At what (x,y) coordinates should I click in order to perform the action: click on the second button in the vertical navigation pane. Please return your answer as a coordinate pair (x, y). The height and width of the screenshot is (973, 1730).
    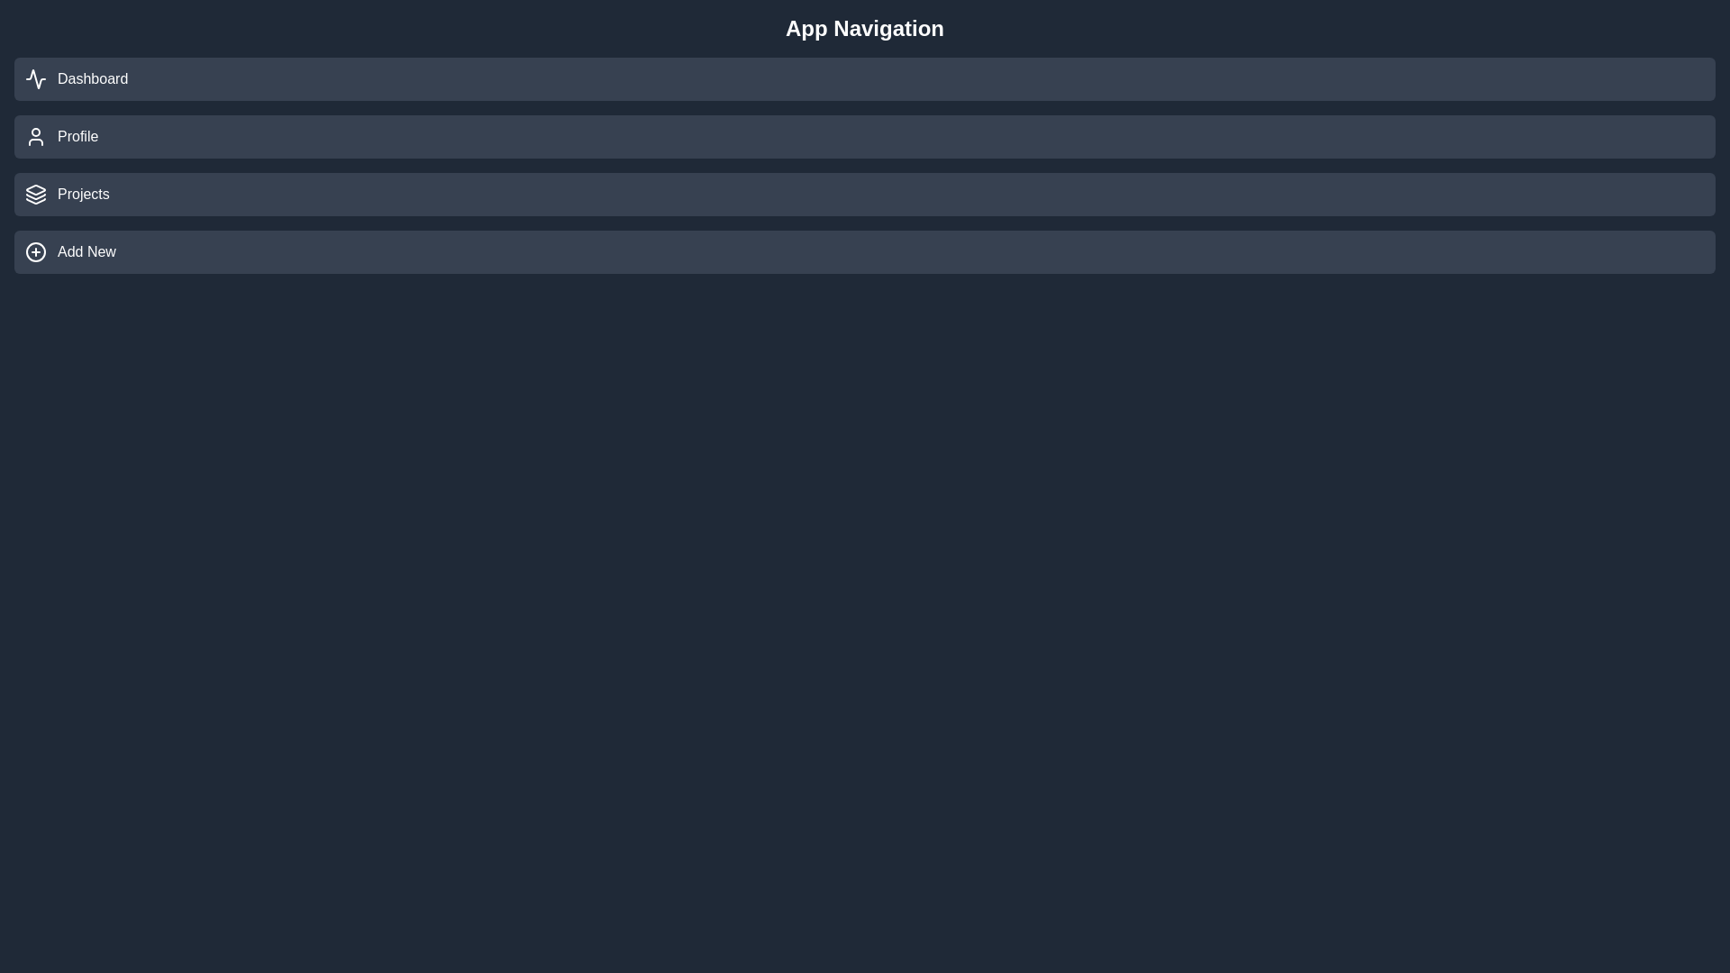
    Looking at the image, I should click on (865, 135).